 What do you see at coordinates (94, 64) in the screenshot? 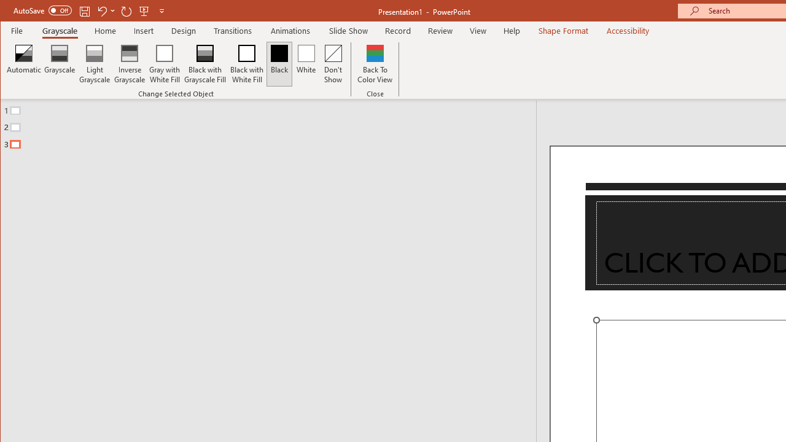
I see `'Light Grayscale'` at bounding box center [94, 64].